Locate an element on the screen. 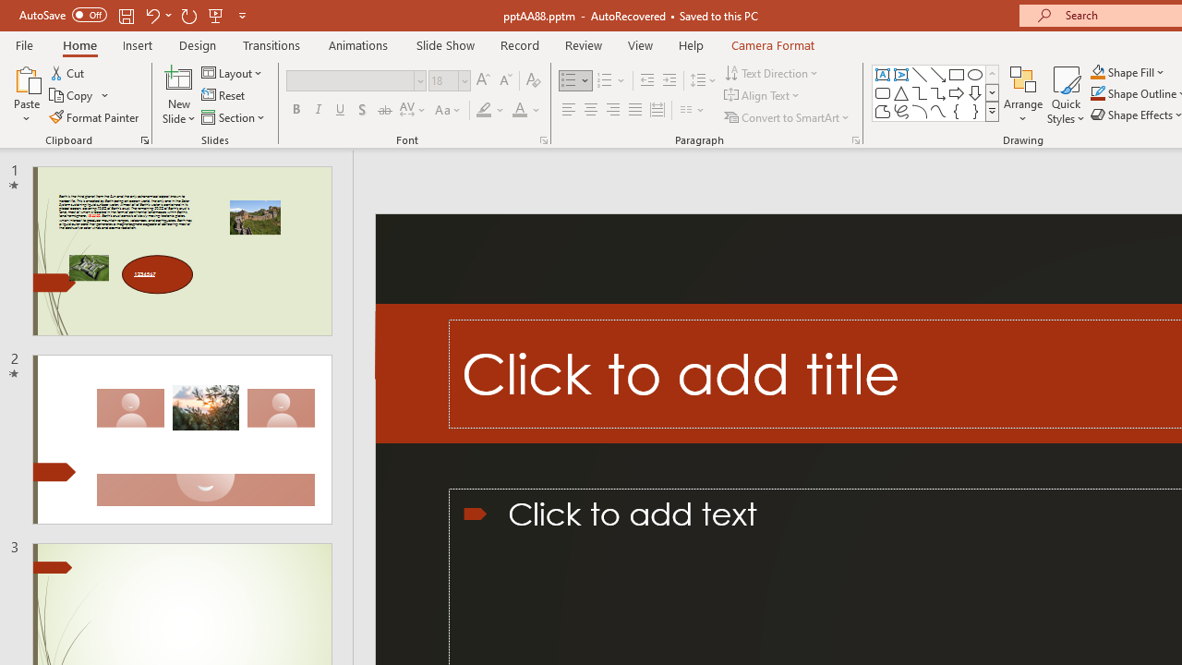 The width and height of the screenshot is (1182, 665). 'Strikethrough' is located at coordinates (383, 110).